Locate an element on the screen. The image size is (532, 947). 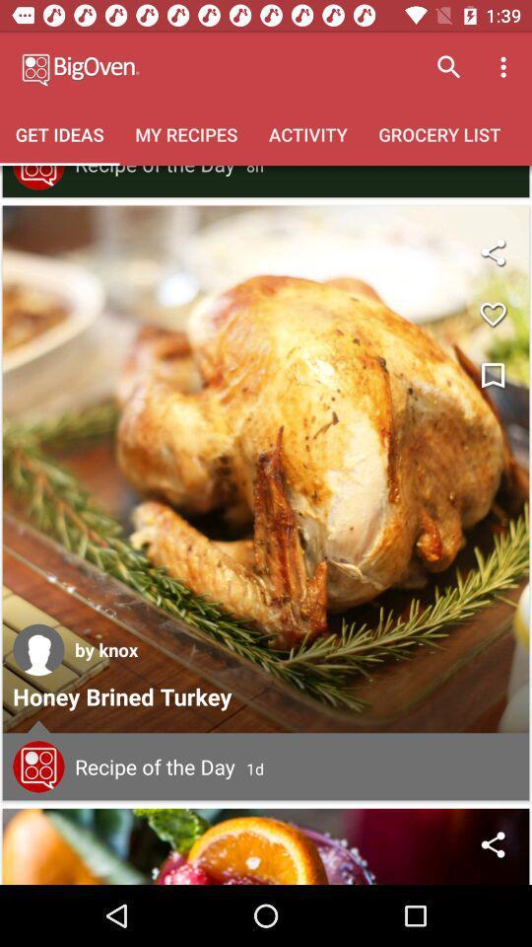
save is located at coordinates (492, 314).